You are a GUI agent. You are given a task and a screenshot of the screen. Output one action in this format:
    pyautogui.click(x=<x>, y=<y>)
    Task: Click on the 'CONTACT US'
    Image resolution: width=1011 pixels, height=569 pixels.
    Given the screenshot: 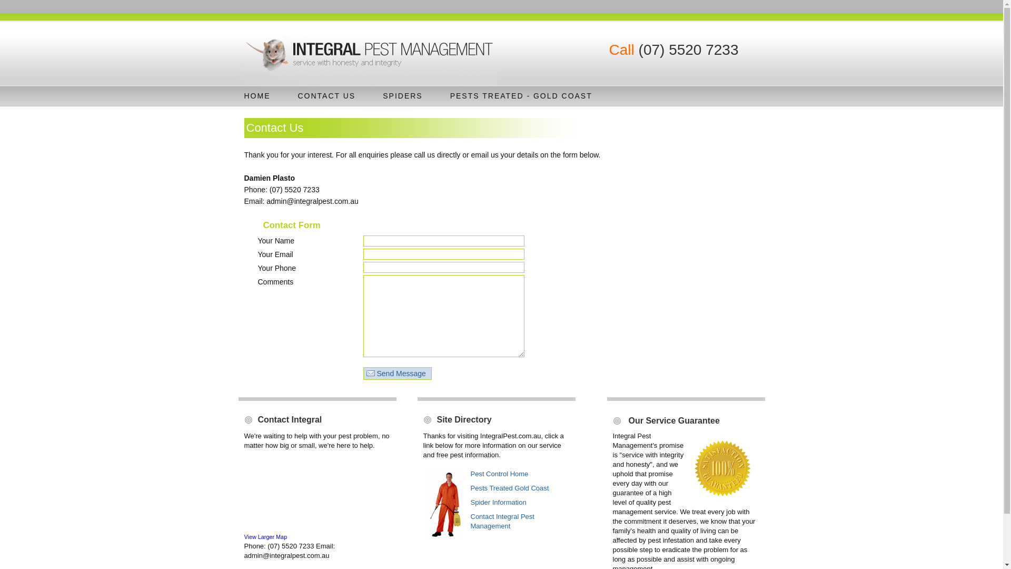 What is the action you would take?
    pyautogui.click(x=325, y=95)
    